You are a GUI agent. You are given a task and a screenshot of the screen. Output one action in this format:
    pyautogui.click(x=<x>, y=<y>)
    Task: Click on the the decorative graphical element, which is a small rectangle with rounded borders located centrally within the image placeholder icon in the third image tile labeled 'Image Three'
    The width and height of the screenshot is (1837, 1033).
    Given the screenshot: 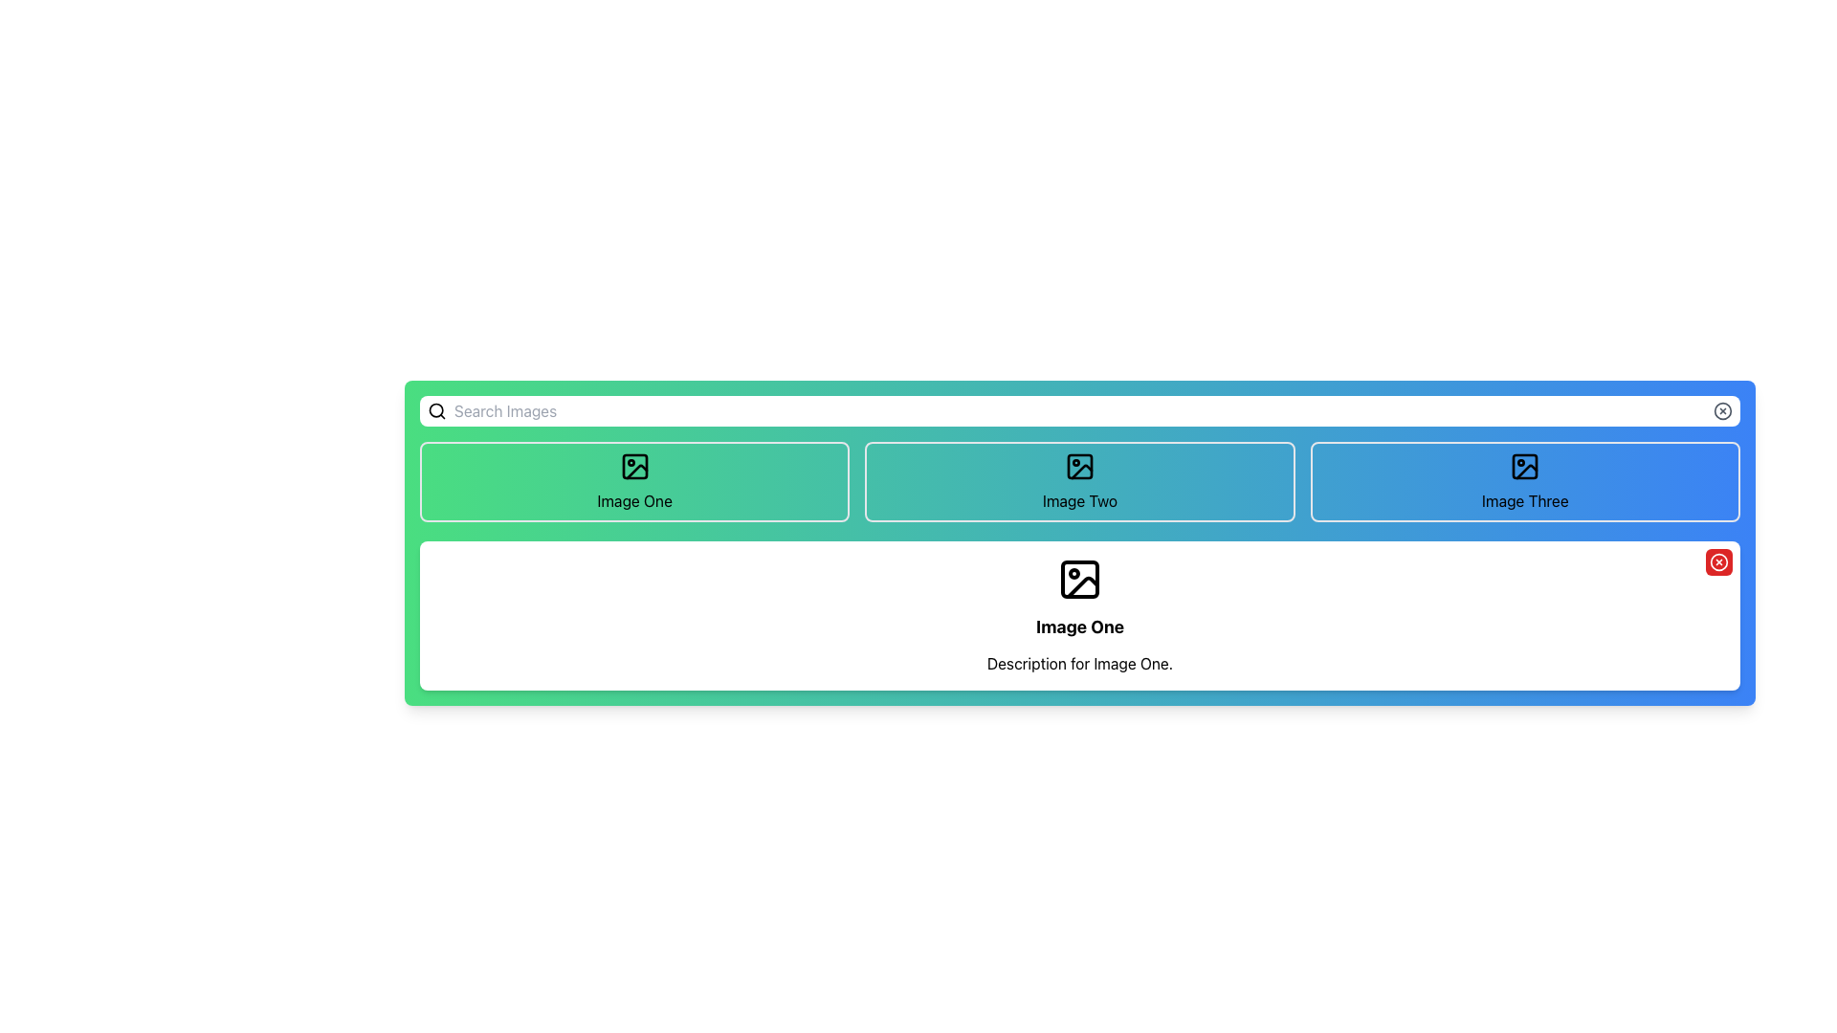 What is the action you would take?
    pyautogui.click(x=1524, y=467)
    